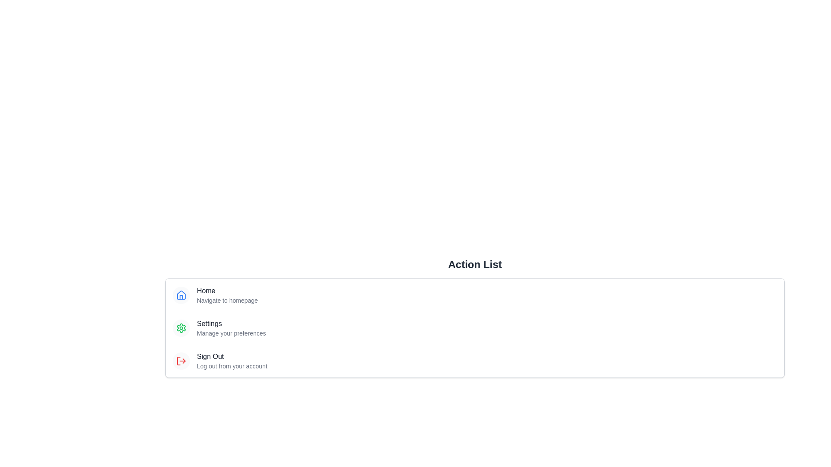 The width and height of the screenshot is (831, 467). I want to click on the 'Action List' heading, so click(474, 264).